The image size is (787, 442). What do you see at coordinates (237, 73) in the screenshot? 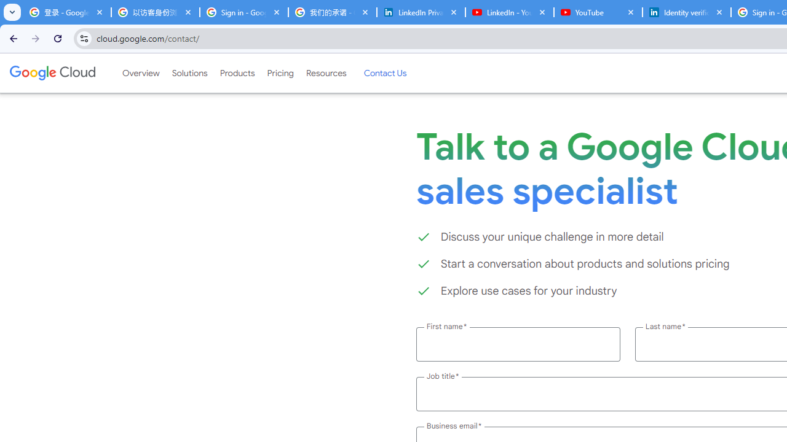
I see `'Products'` at bounding box center [237, 73].